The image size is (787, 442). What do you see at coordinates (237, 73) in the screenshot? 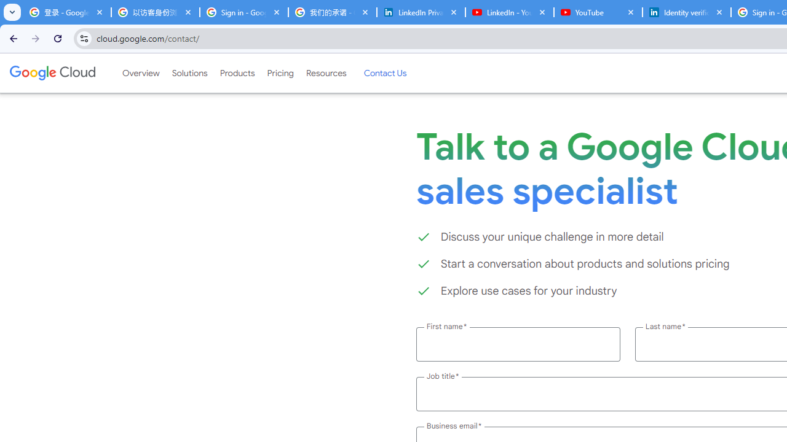
I see `'Products'` at bounding box center [237, 73].